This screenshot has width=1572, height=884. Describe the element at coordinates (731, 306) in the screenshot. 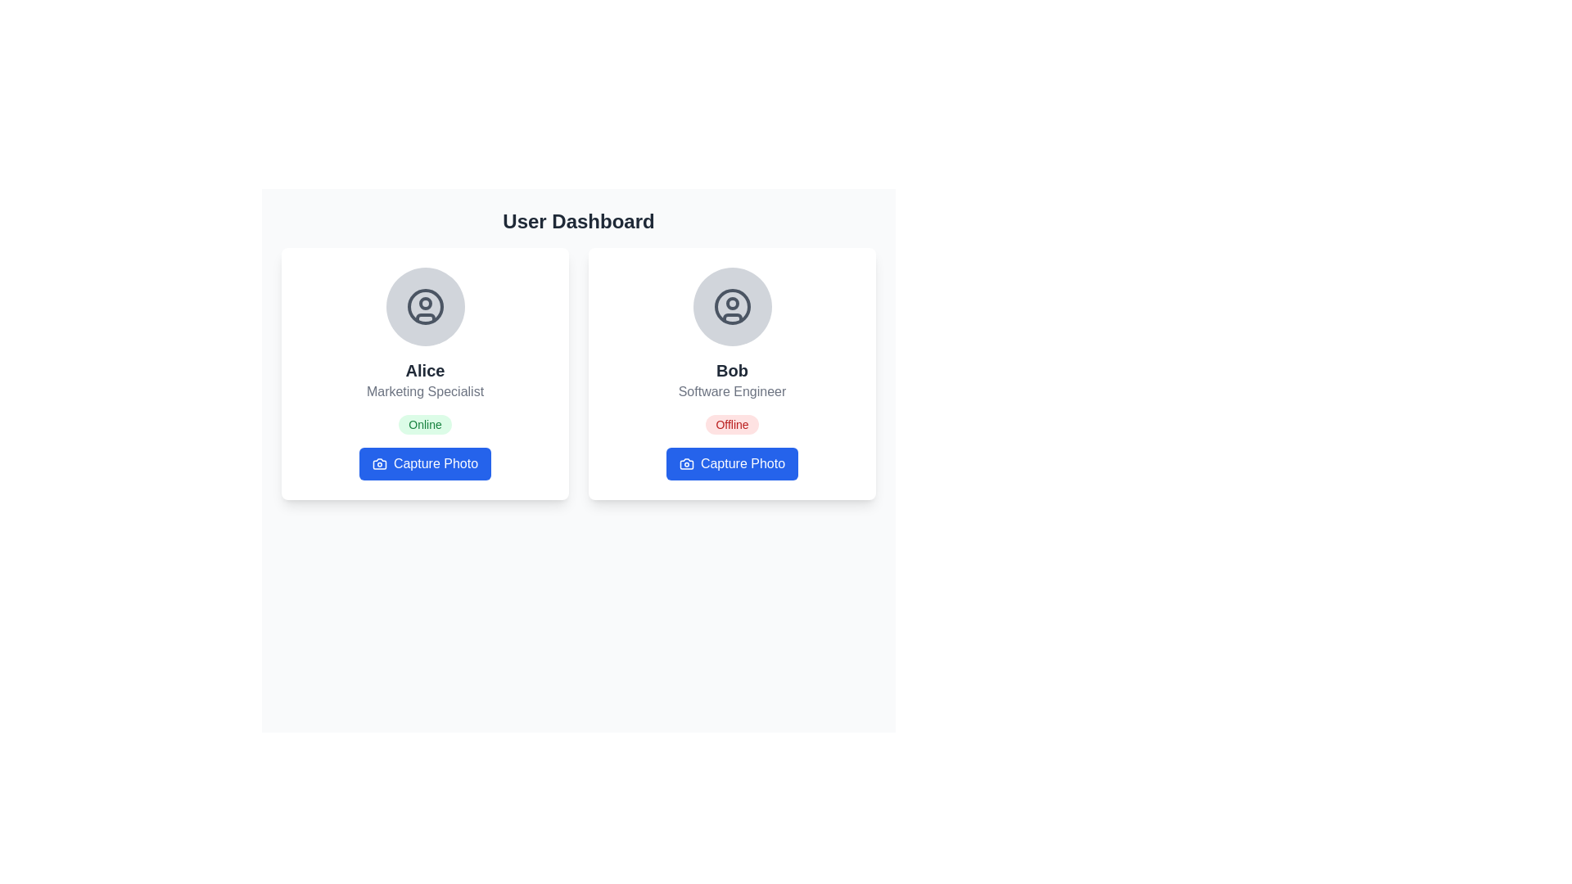

I see `the Icon with a circular gray background representing a user, located in the upper central region of the card labeled 'Bob' in the user dashboard interface` at that location.